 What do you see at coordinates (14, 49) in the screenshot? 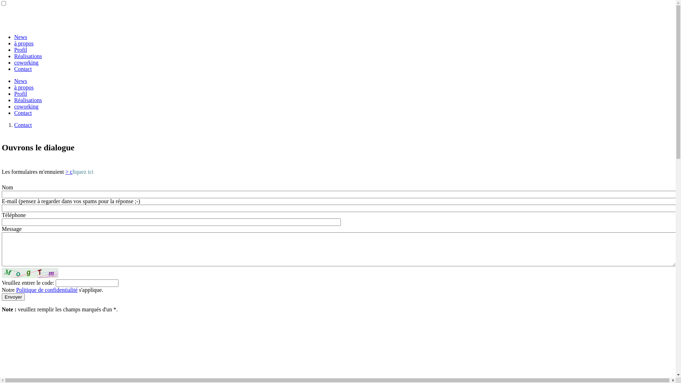
I see `'Profil'` at bounding box center [14, 49].